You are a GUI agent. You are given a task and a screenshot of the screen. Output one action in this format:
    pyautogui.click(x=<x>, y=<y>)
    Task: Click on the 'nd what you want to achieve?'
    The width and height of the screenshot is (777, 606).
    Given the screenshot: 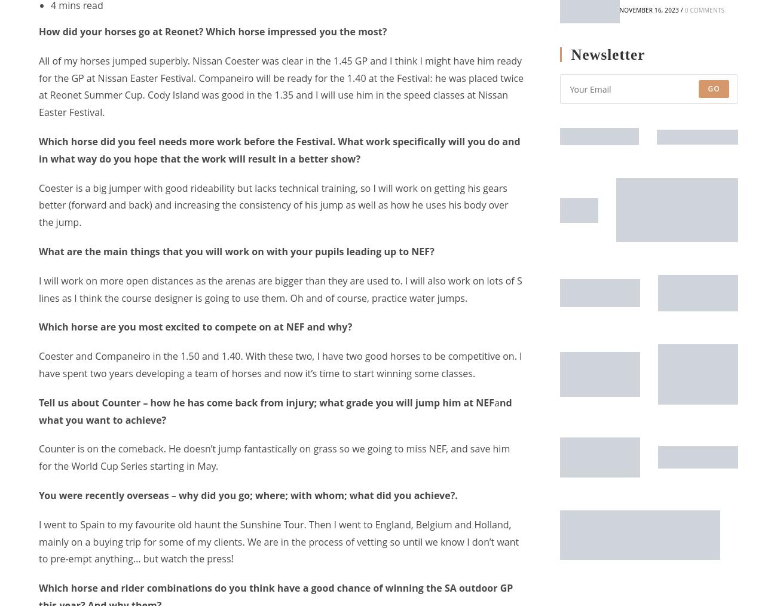 What is the action you would take?
    pyautogui.click(x=274, y=410)
    